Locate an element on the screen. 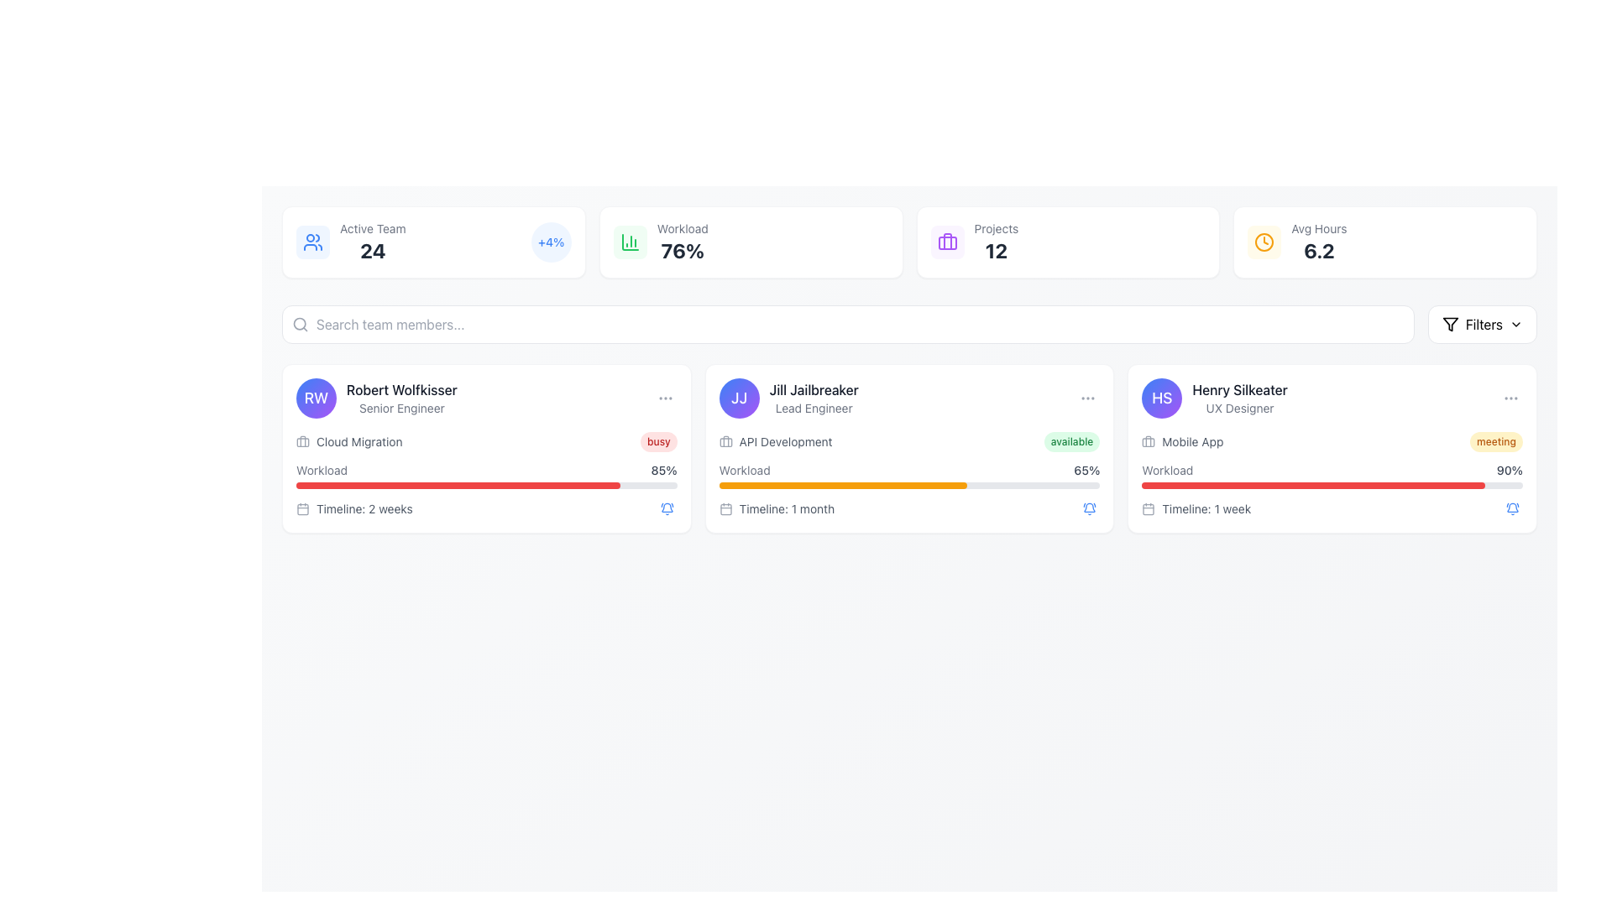  information displayed in the composite text component that summarizes the count of an active team, located in the top-left corner next to the blue user group icon is located at coordinates (372, 242).